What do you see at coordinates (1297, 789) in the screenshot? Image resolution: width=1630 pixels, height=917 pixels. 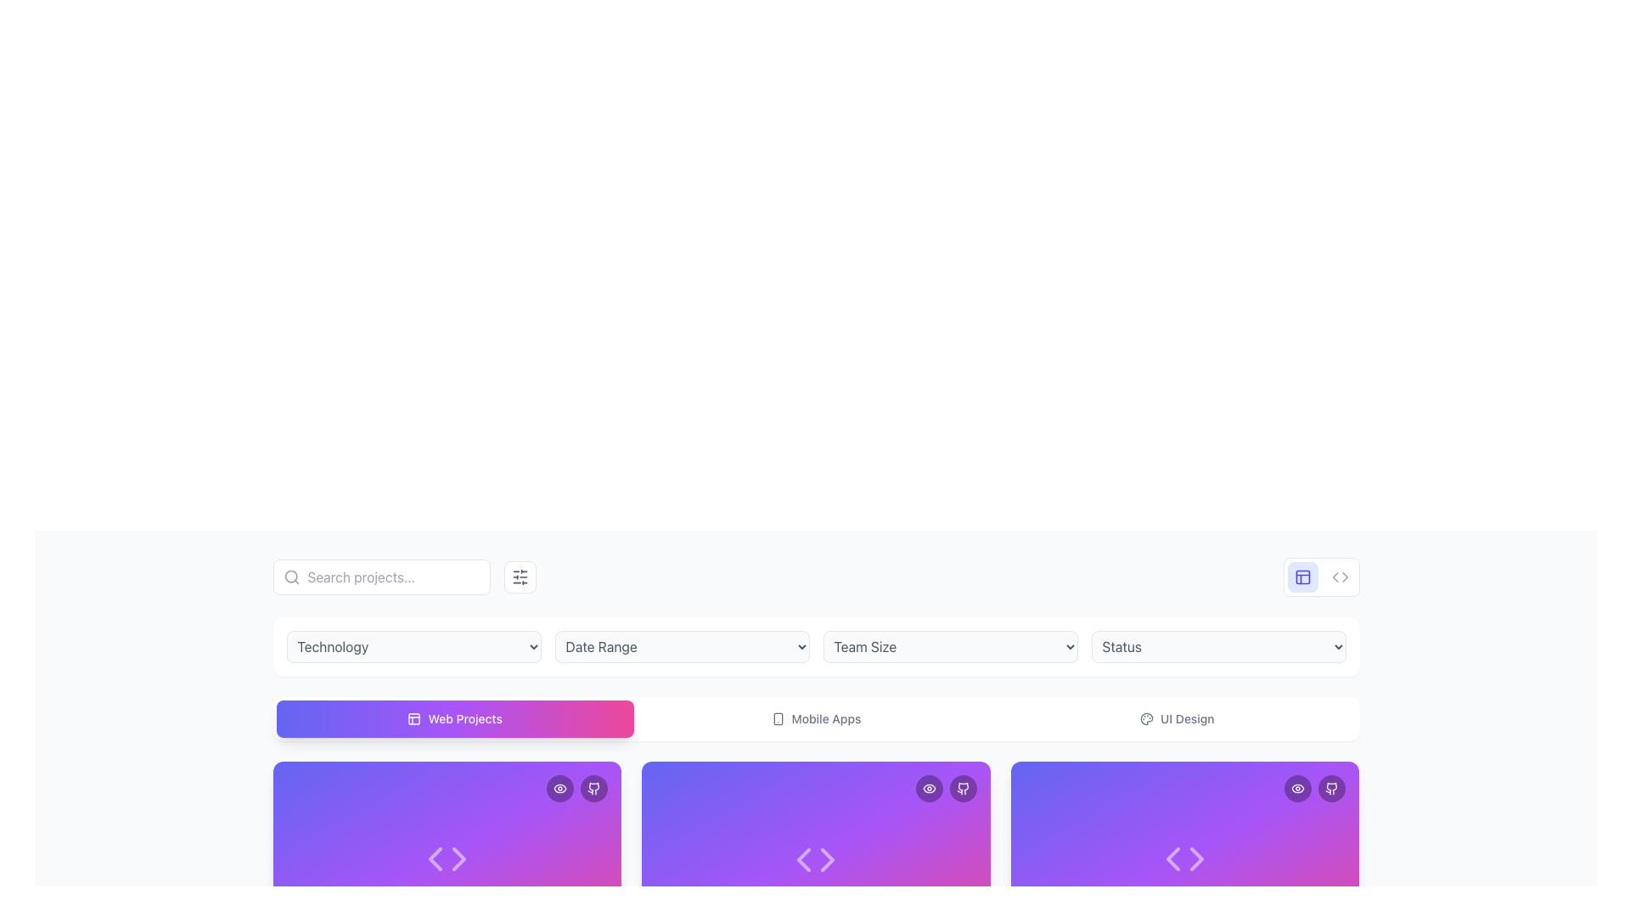 I see `the eye-shaped icon with a black outline located inside a circular button at the top-right corner of the purple-colored card` at bounding box center [1297, 789].